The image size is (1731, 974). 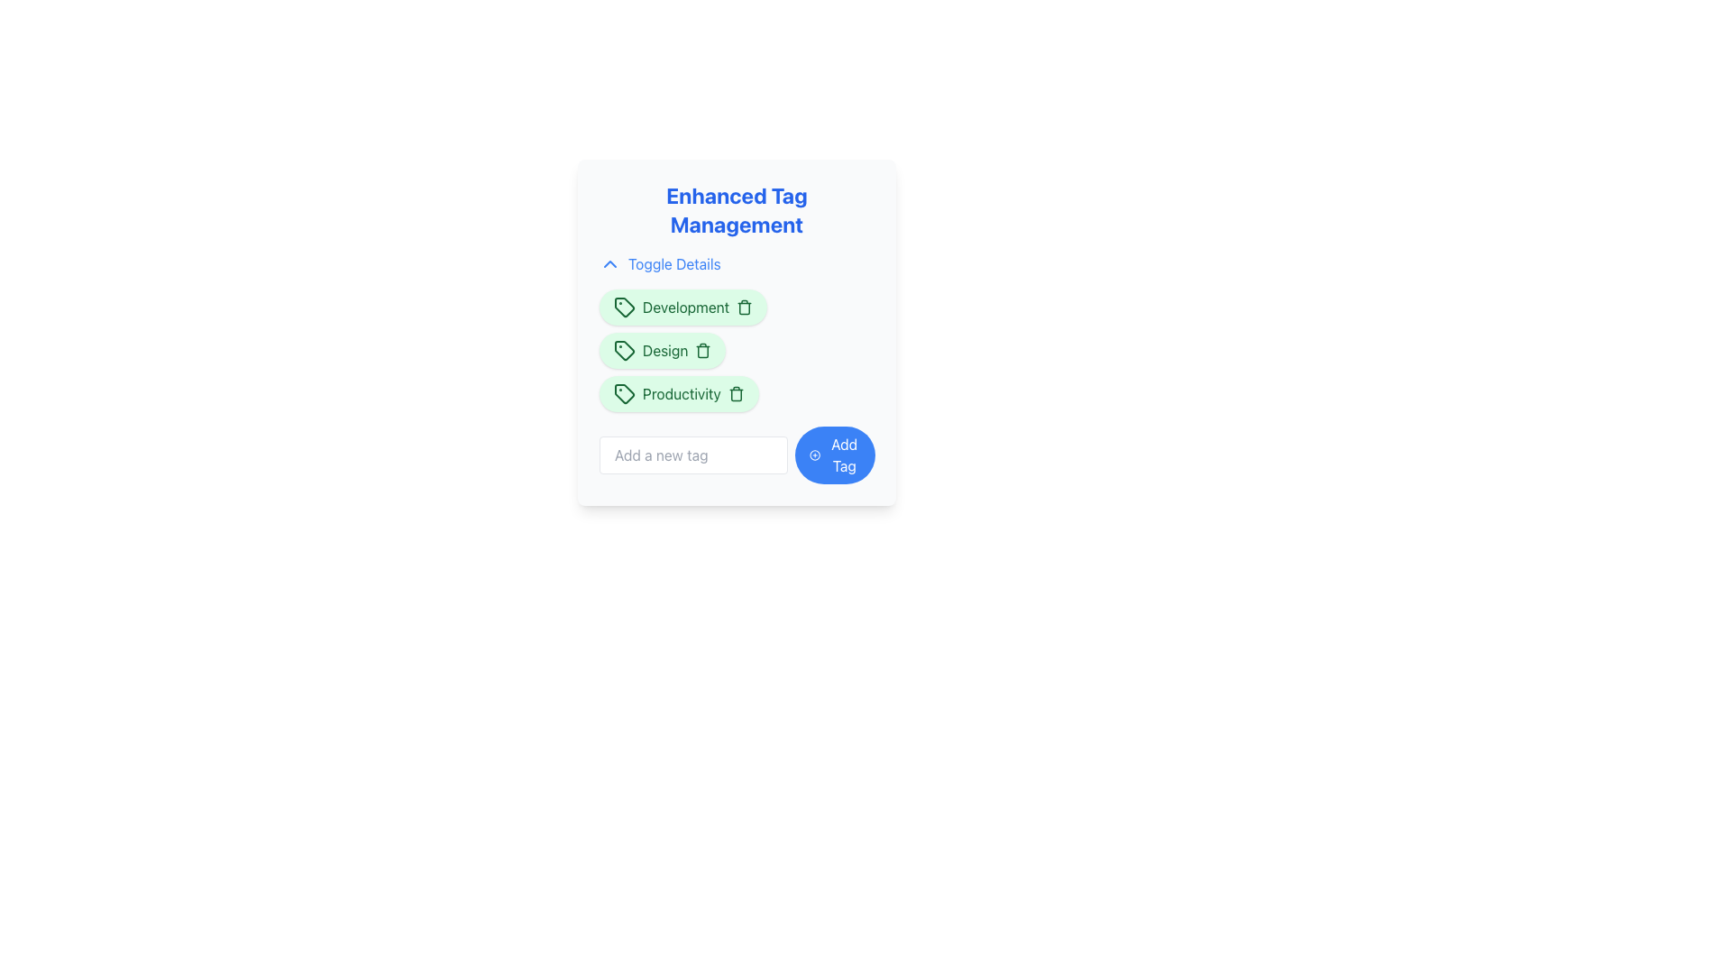 I want to click on the 'Design' text element in the second tag component within the Enhanced Tag Management interface, so click(x=664, y=351).